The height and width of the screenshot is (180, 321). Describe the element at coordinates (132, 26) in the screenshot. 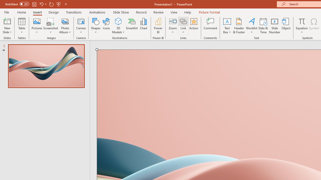

I see `'SmartArt...'` at that location.